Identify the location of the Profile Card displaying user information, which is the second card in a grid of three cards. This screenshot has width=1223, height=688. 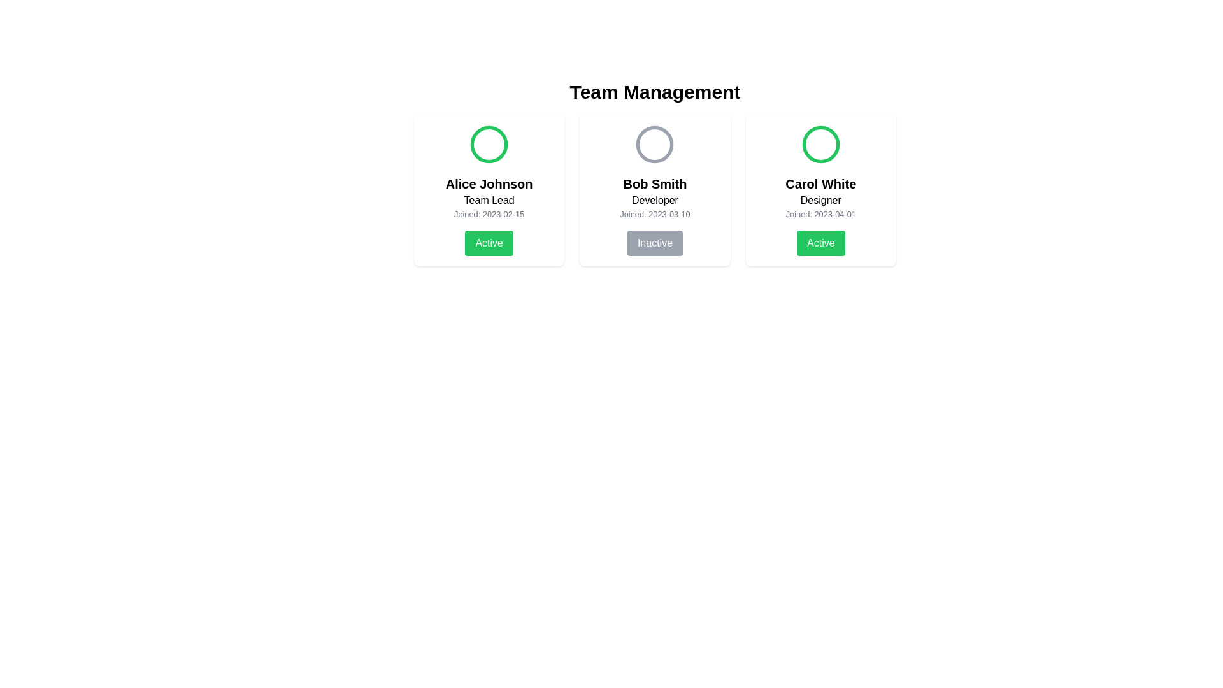
(655, 190).